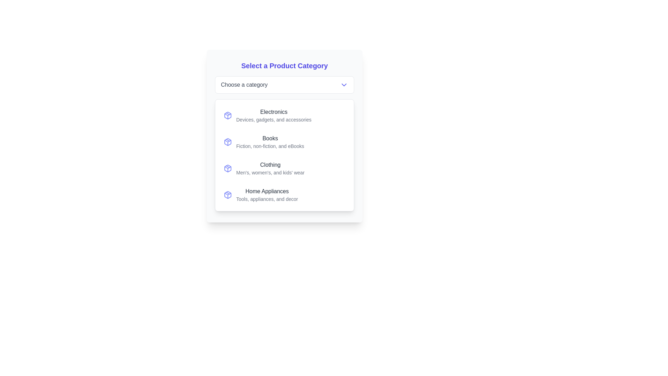  I want to click on the first category item labeled 'Electronics' in the vertical menu, which includes an indigo package icon and a description of 'Devices, gadgets, and accessories', so click(284, 115).